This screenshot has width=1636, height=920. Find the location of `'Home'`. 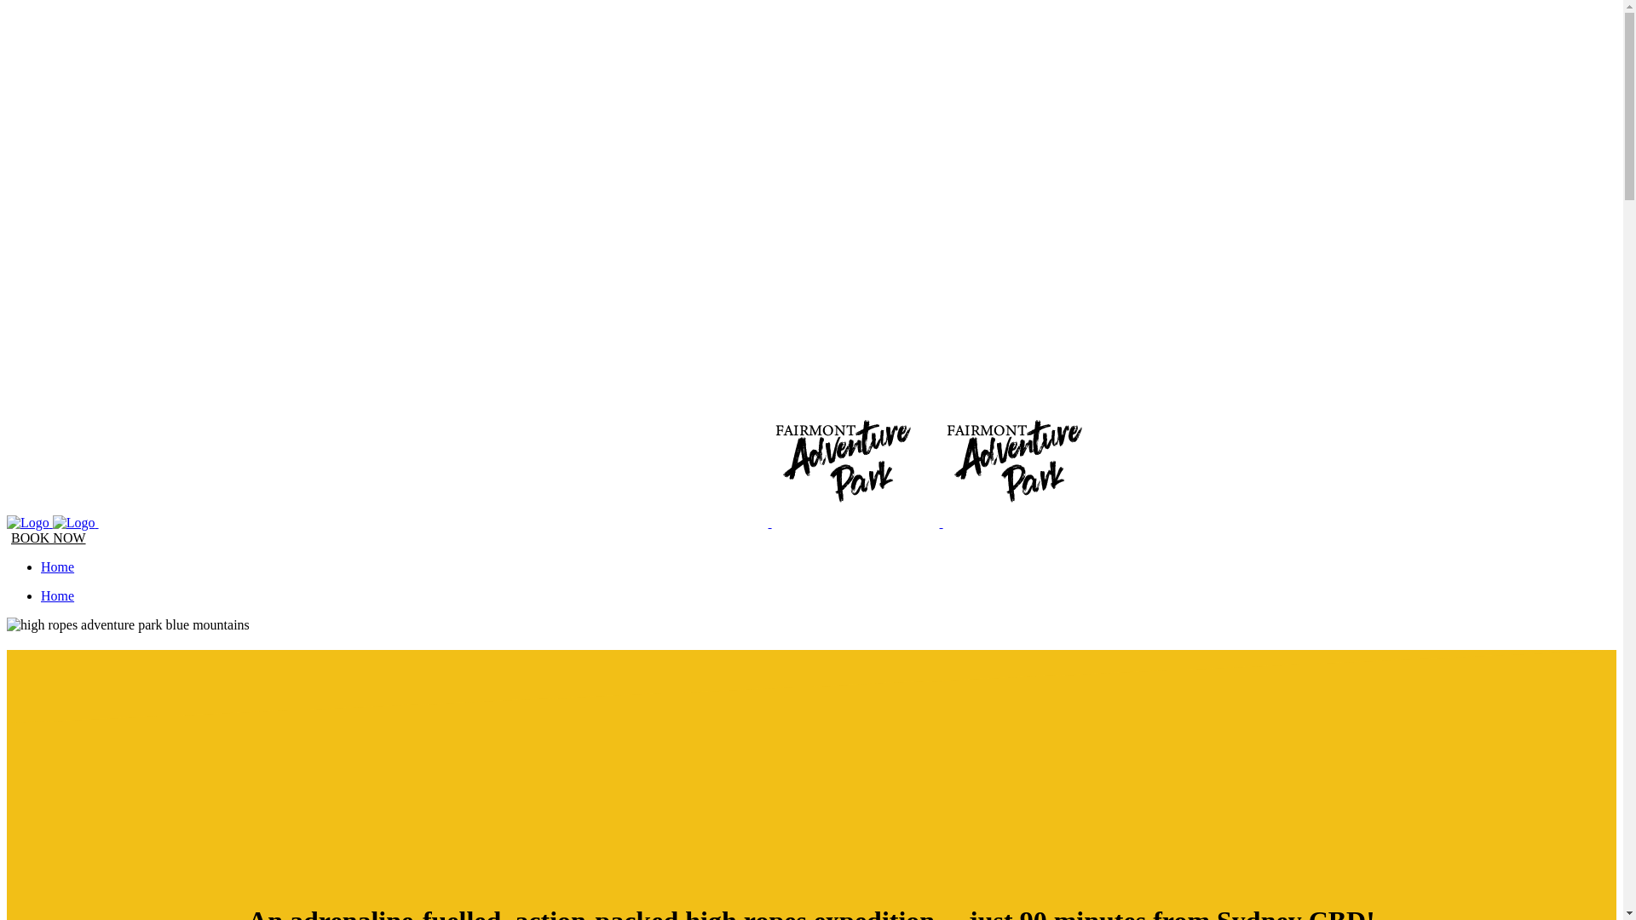

'Home' is located at coordinates (57, 595).